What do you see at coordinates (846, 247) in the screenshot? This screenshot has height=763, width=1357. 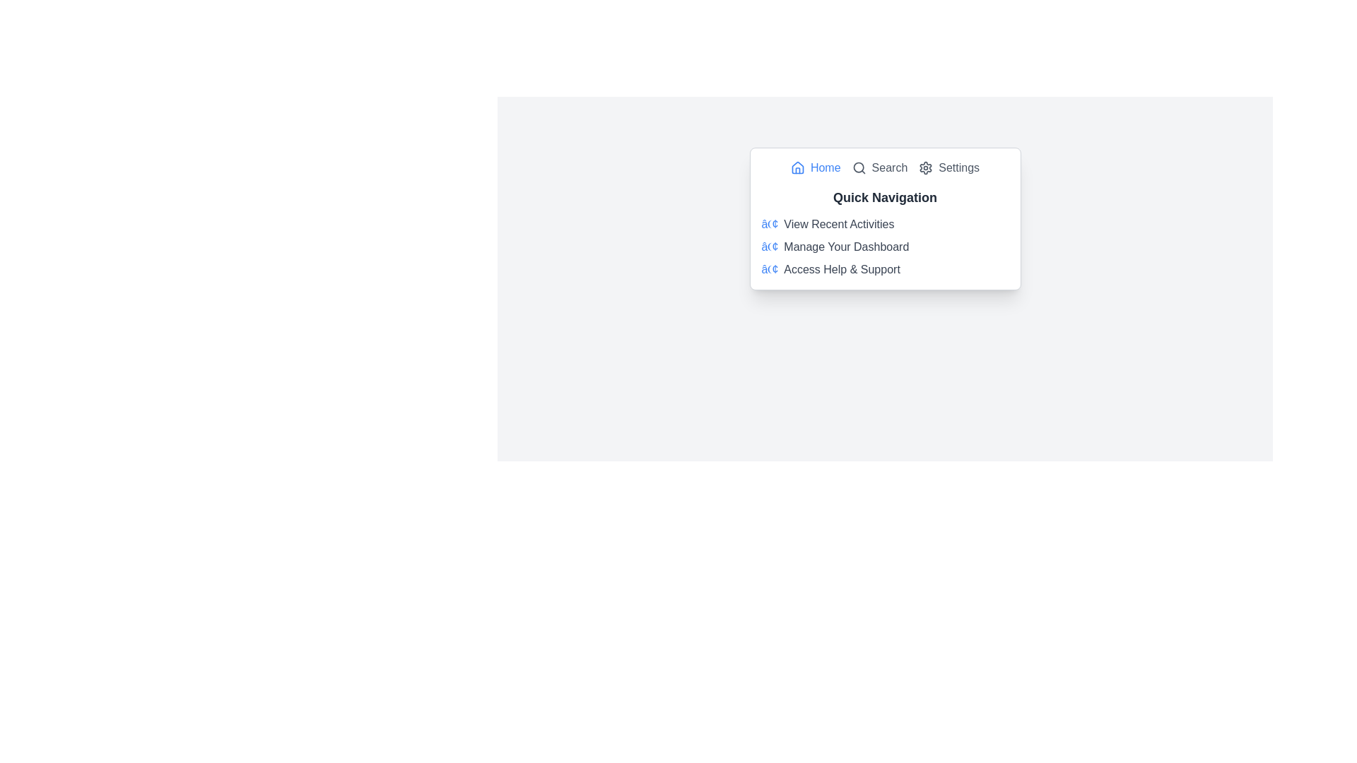 I see `the navigation Text Label located in the second entry of the 'Quick Navigation' dropdown menu to manage the dashboard` at bounding box center [846, 247].